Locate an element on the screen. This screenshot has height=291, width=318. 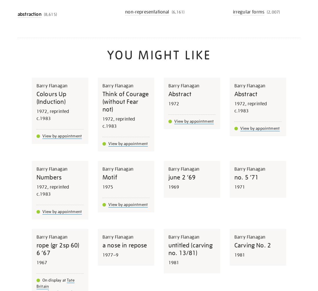
'Motif' is located at coordinates (102, 177).